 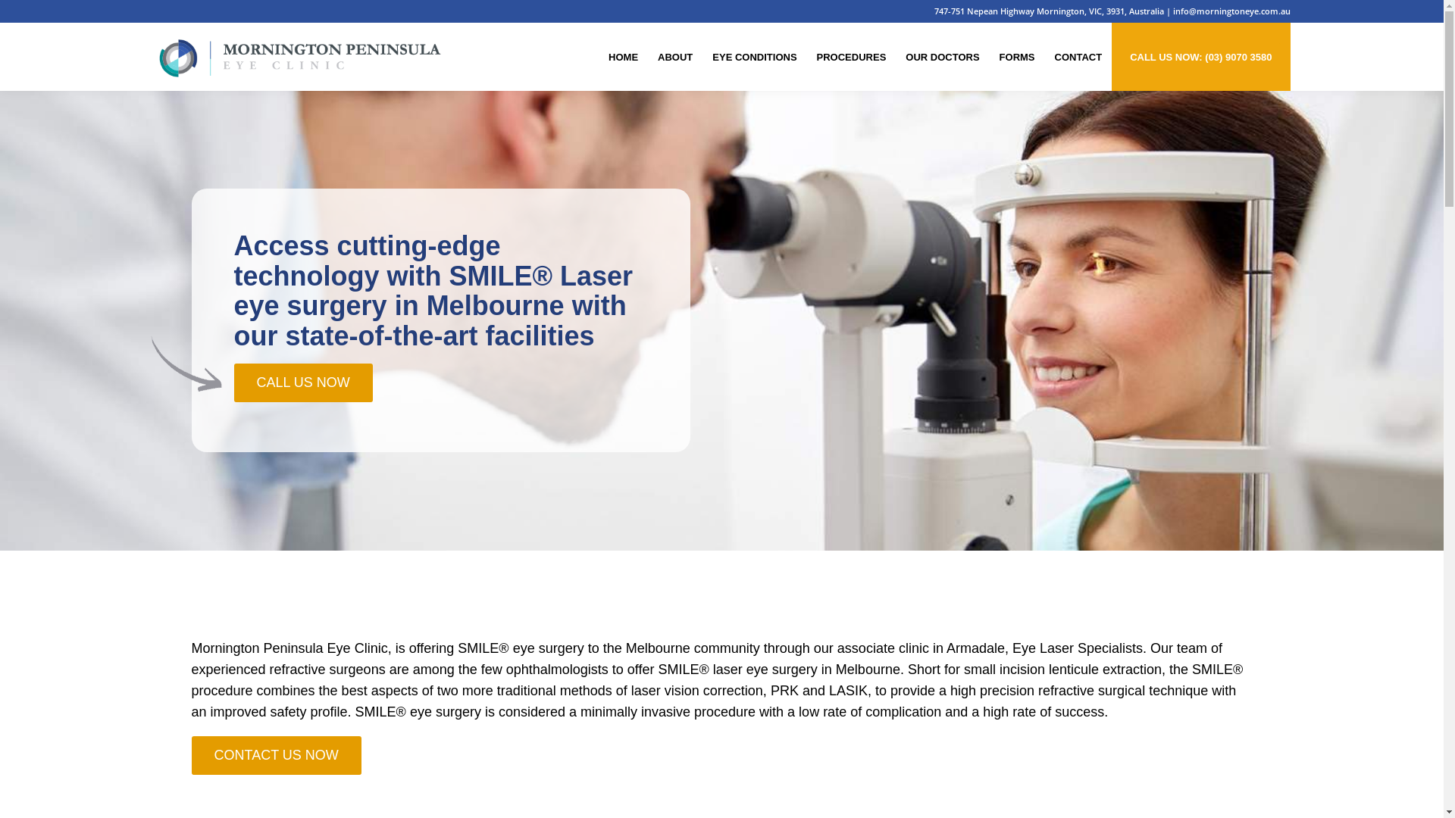 What do you see at coordinates (186, 364) in the screenshot?
I see `'arrow-right4'` at bounding box center [186, 364].